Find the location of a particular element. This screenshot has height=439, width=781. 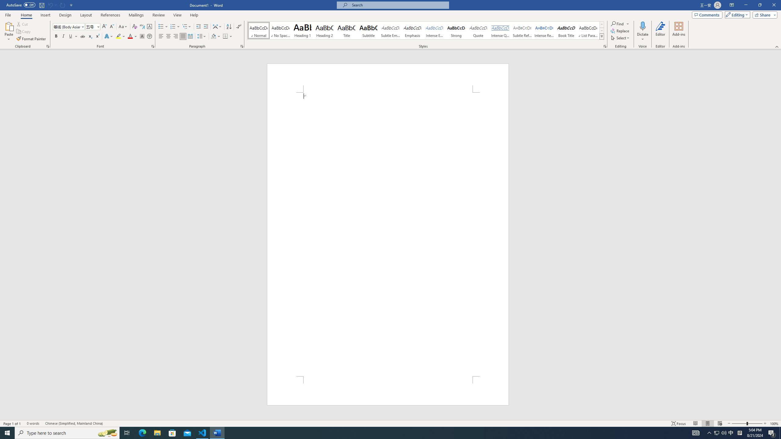

'Emphasis' is located at coordinates (412, 30).